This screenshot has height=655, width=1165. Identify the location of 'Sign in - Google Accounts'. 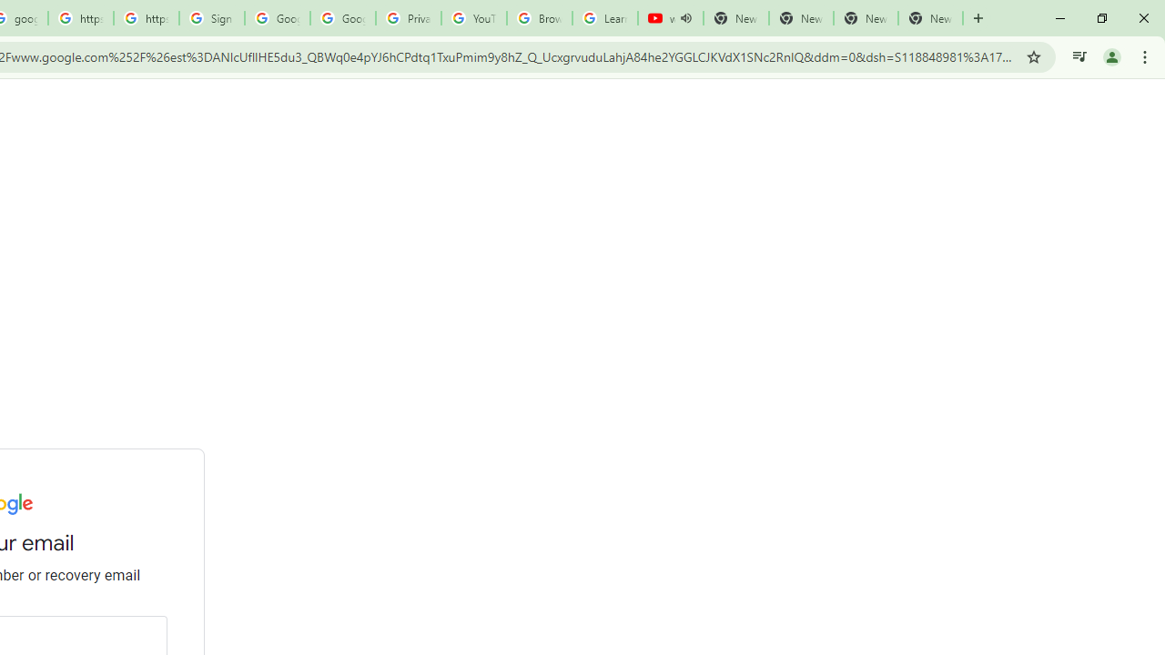
(211, 18).